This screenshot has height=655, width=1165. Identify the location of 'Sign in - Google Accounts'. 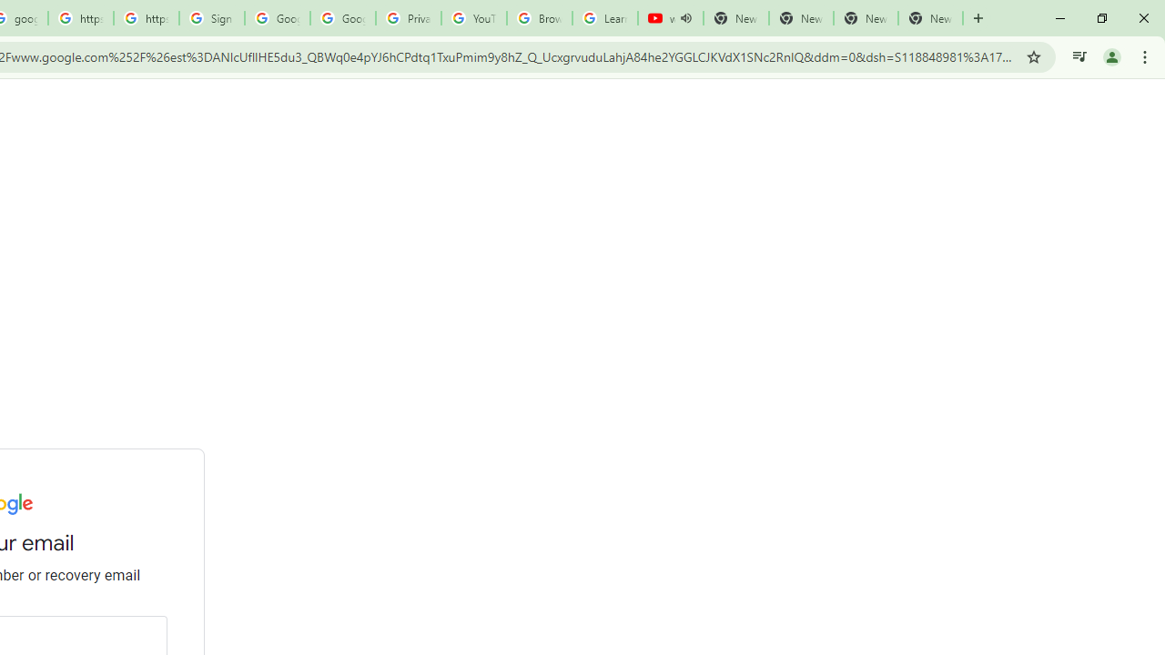
(211, 18).